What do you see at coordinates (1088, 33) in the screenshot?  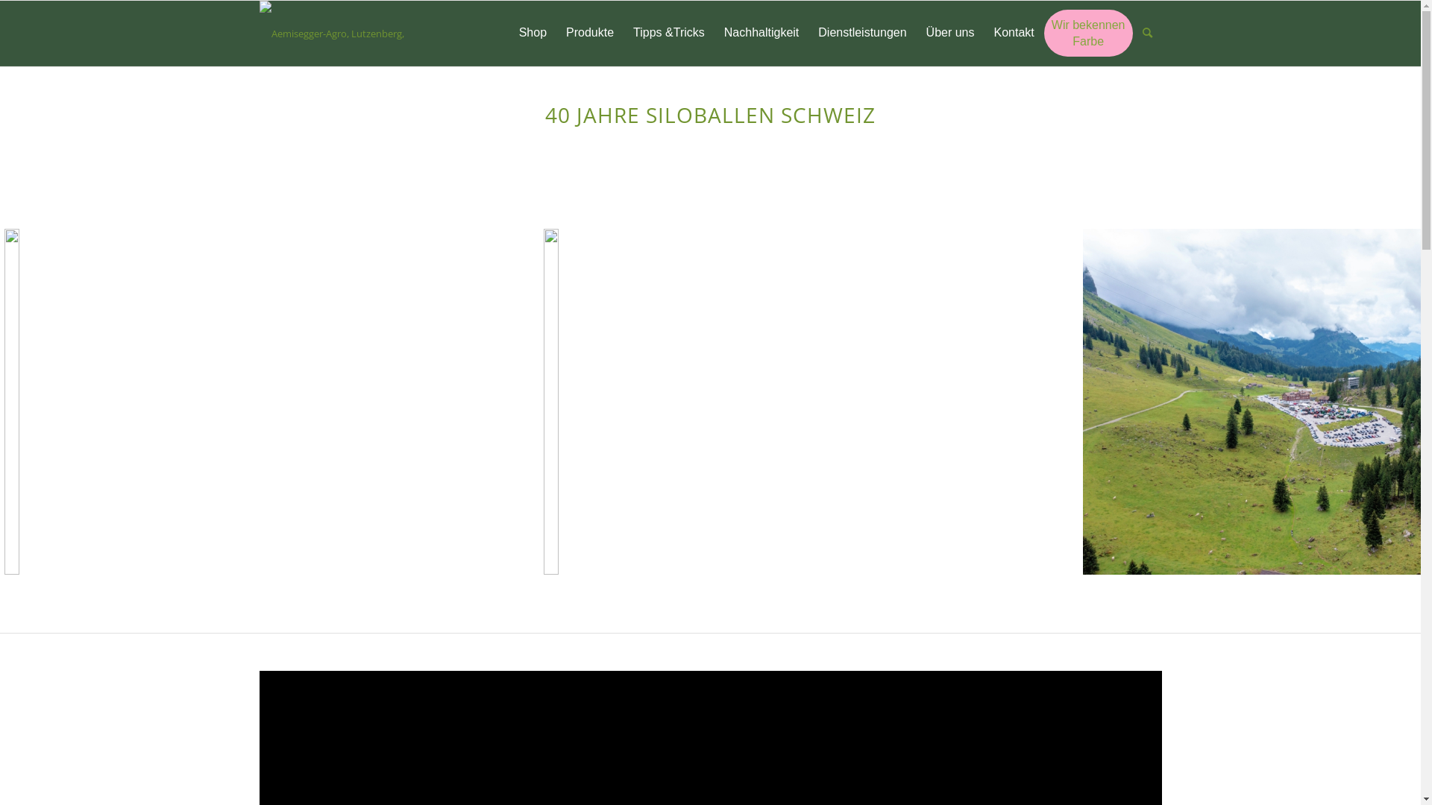 I see `'Wir bekennen` at bounding box center [1088, 33].